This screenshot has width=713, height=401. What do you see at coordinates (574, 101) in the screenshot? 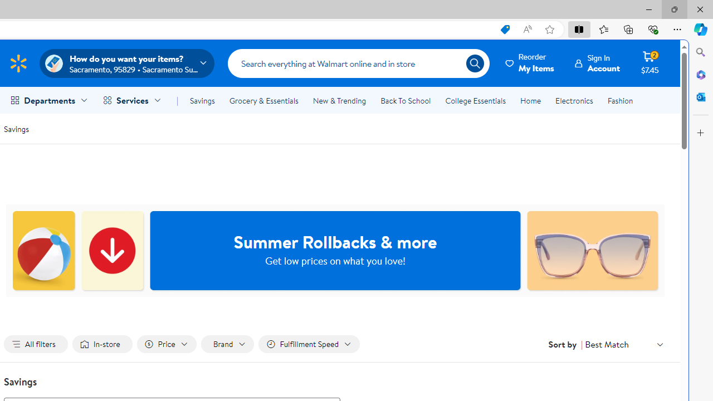
I see `'Electronics'` at bounding box center [574, 101].